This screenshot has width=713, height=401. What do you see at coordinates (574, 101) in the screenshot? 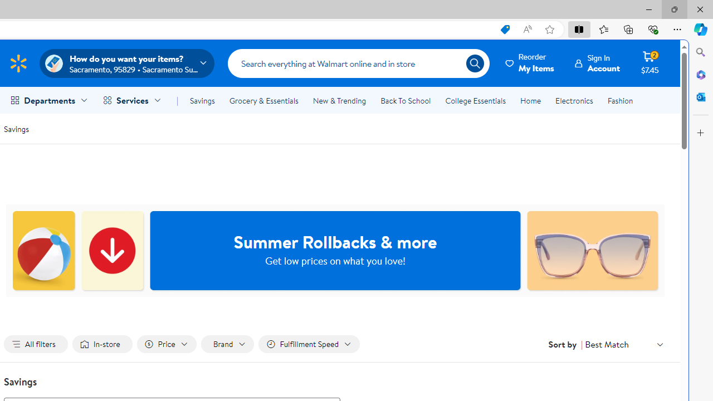
I see `'Electronics'` at bounding box center [574, 101].